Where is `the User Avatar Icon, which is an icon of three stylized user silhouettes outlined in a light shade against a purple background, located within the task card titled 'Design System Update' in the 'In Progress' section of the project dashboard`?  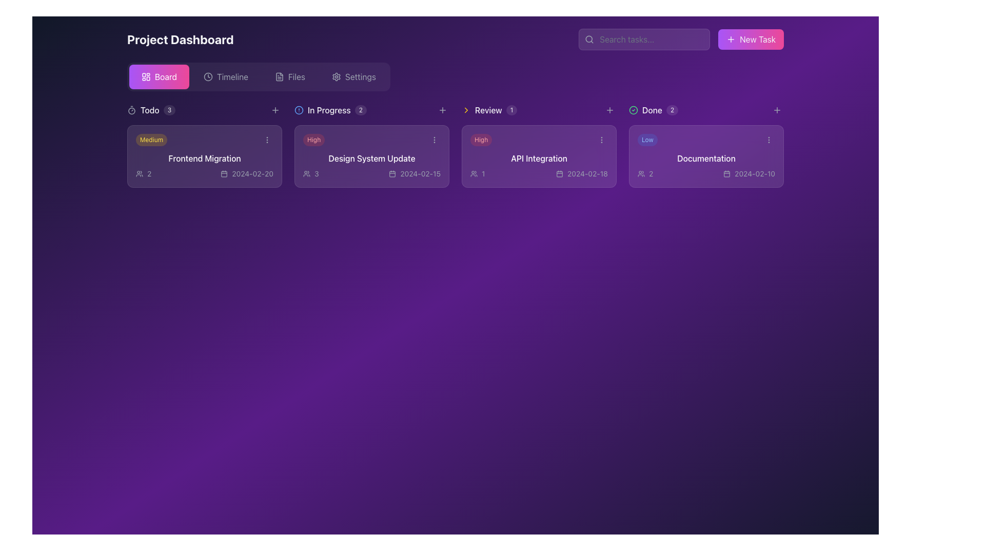 the User Avatar Icon, which is an icon of three stylized user silhouettes outlined in a light shade against a purple background, located within the task card titled 'Design System Update' in the 'In Progress' section of the project dashboard is located at coordinates (306, 173).